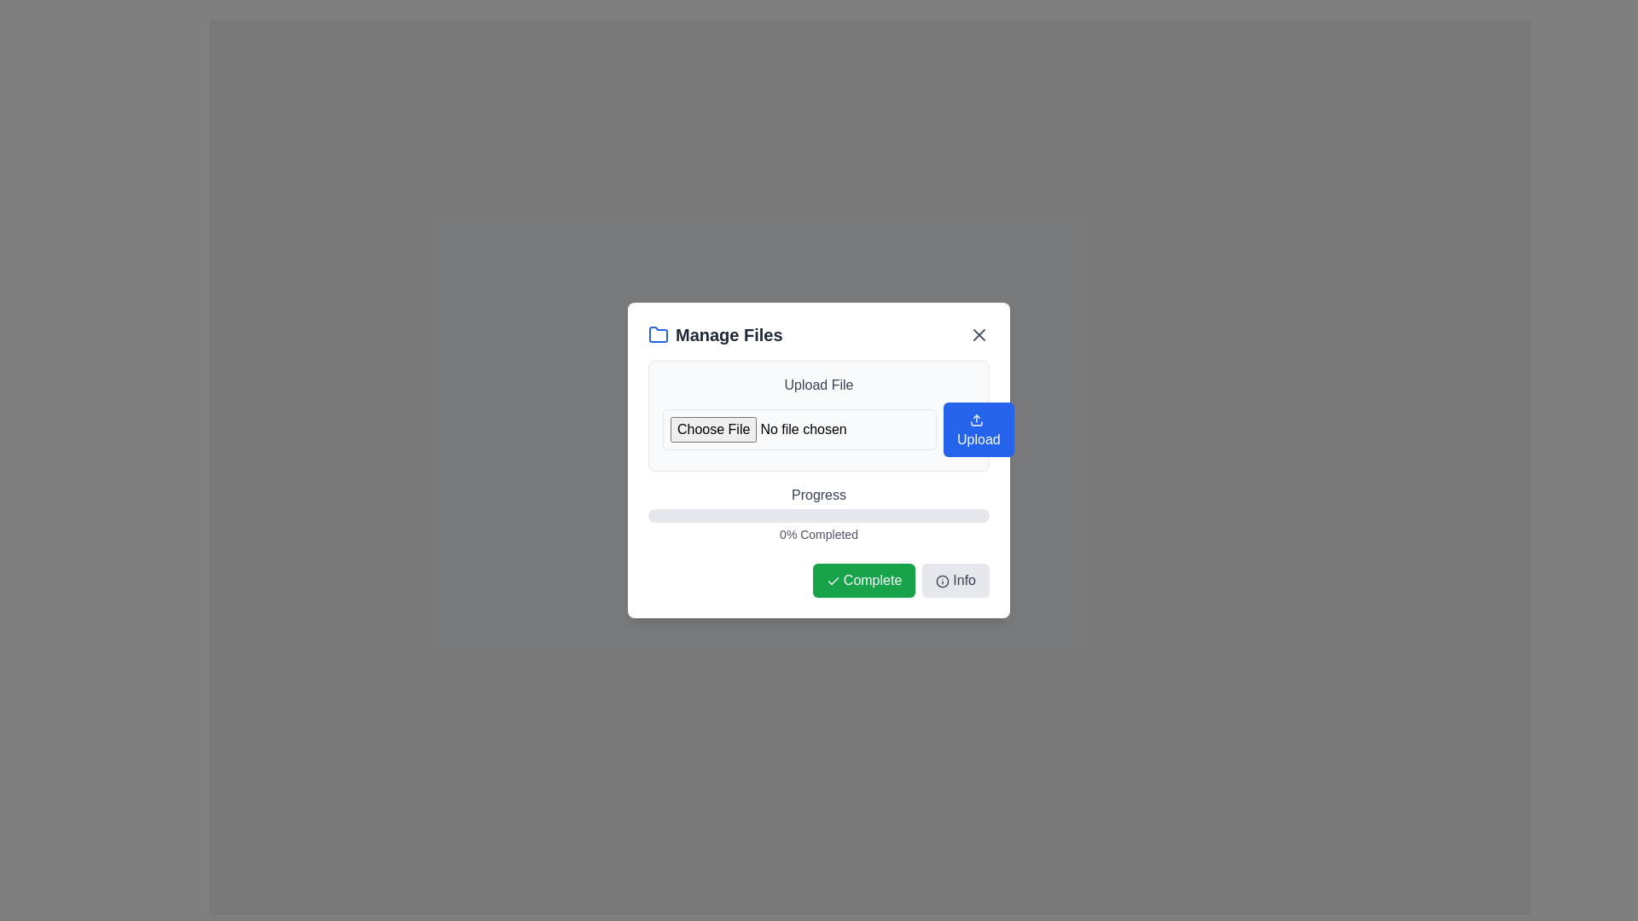 Image resolution: width=1638 pixels, height=921 pixels. Describe the element at coordinates (979, 429) in the screenshot. I see `the upload button located to the right of the 'Choose File No file chosen' input in the 'Manage Files' modal` at that location.